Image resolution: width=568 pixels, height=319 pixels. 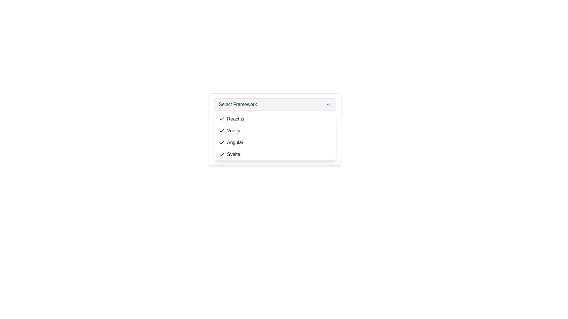 I want to click on the checkmark icon next to the text 'React.js' in the 'Select Framework' dropdown menu, so click(x=221, y=119).